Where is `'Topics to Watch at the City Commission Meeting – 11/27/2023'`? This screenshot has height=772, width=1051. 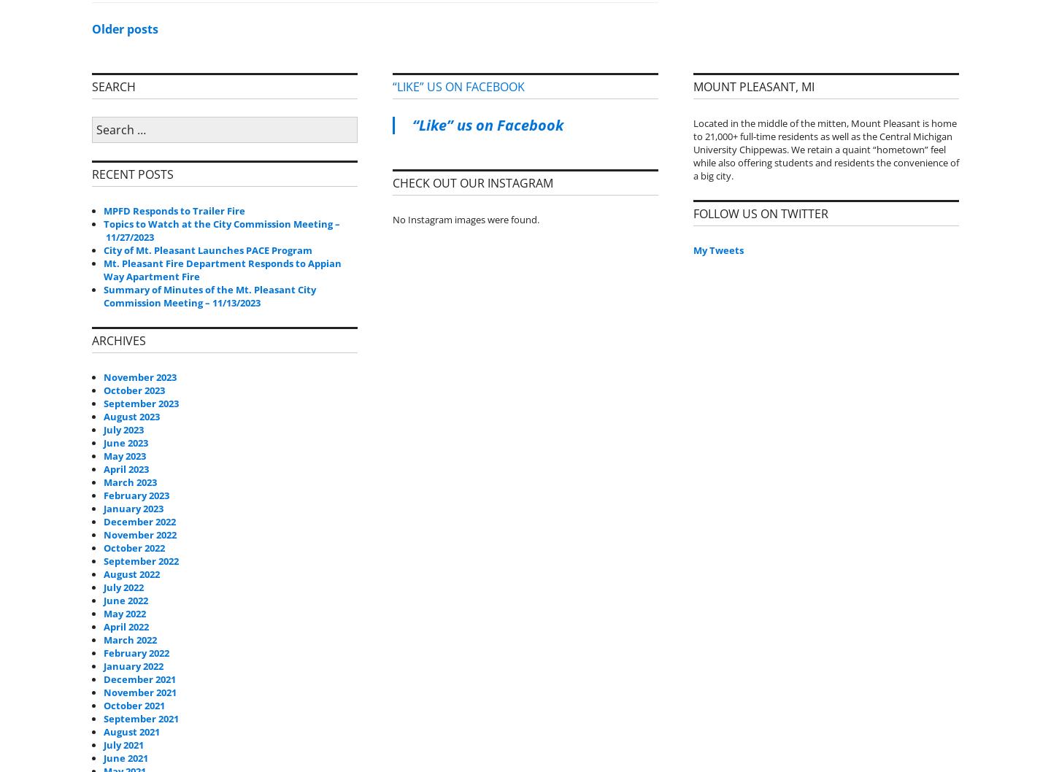 'Topics to Watch at the City Commission Meeting – 11/27/2023' is located at coordinates (221, 228).